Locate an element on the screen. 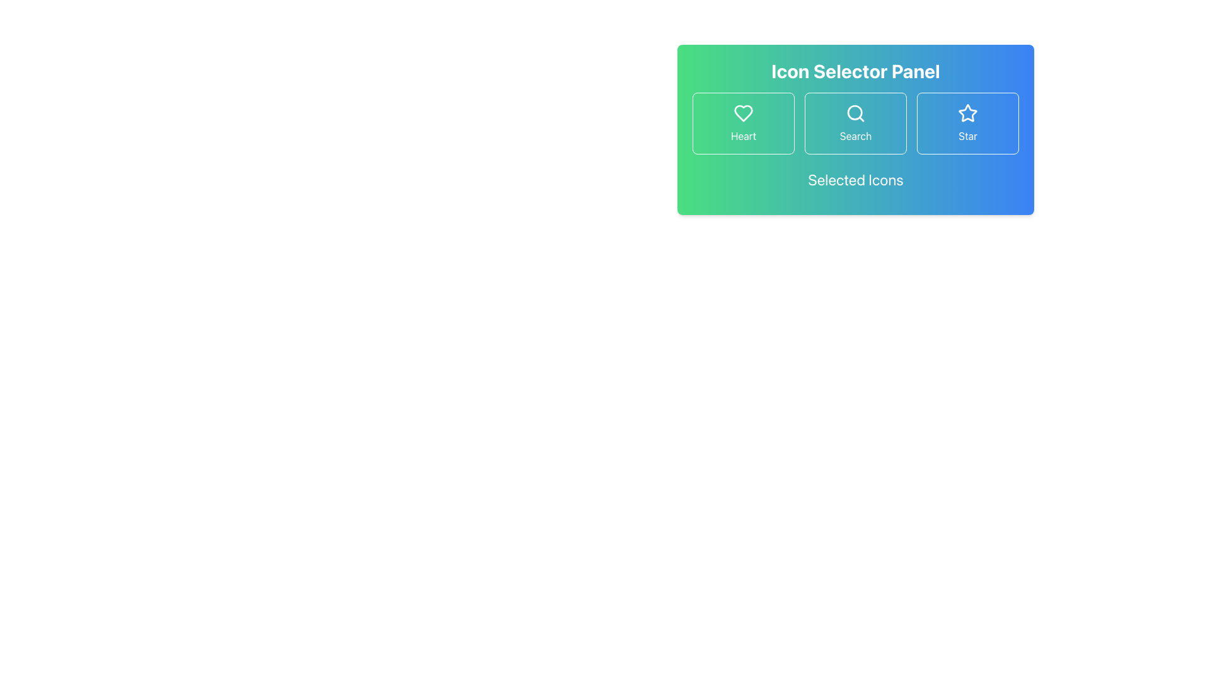 The image size is (1210, 681). title text located at the top of the panel, which informs users about the purpose of the surrounding interface is located at coordinates (856, 71).